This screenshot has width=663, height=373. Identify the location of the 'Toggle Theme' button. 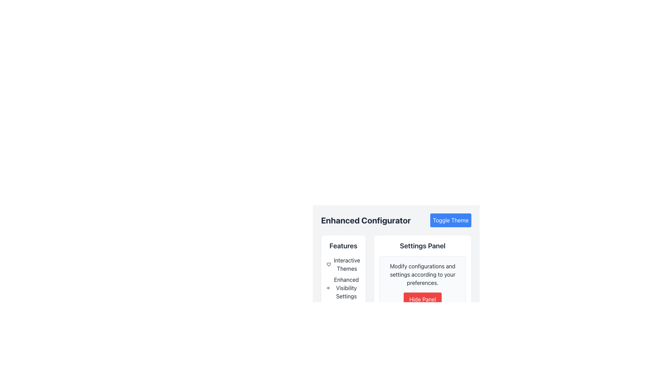
(451, 220).